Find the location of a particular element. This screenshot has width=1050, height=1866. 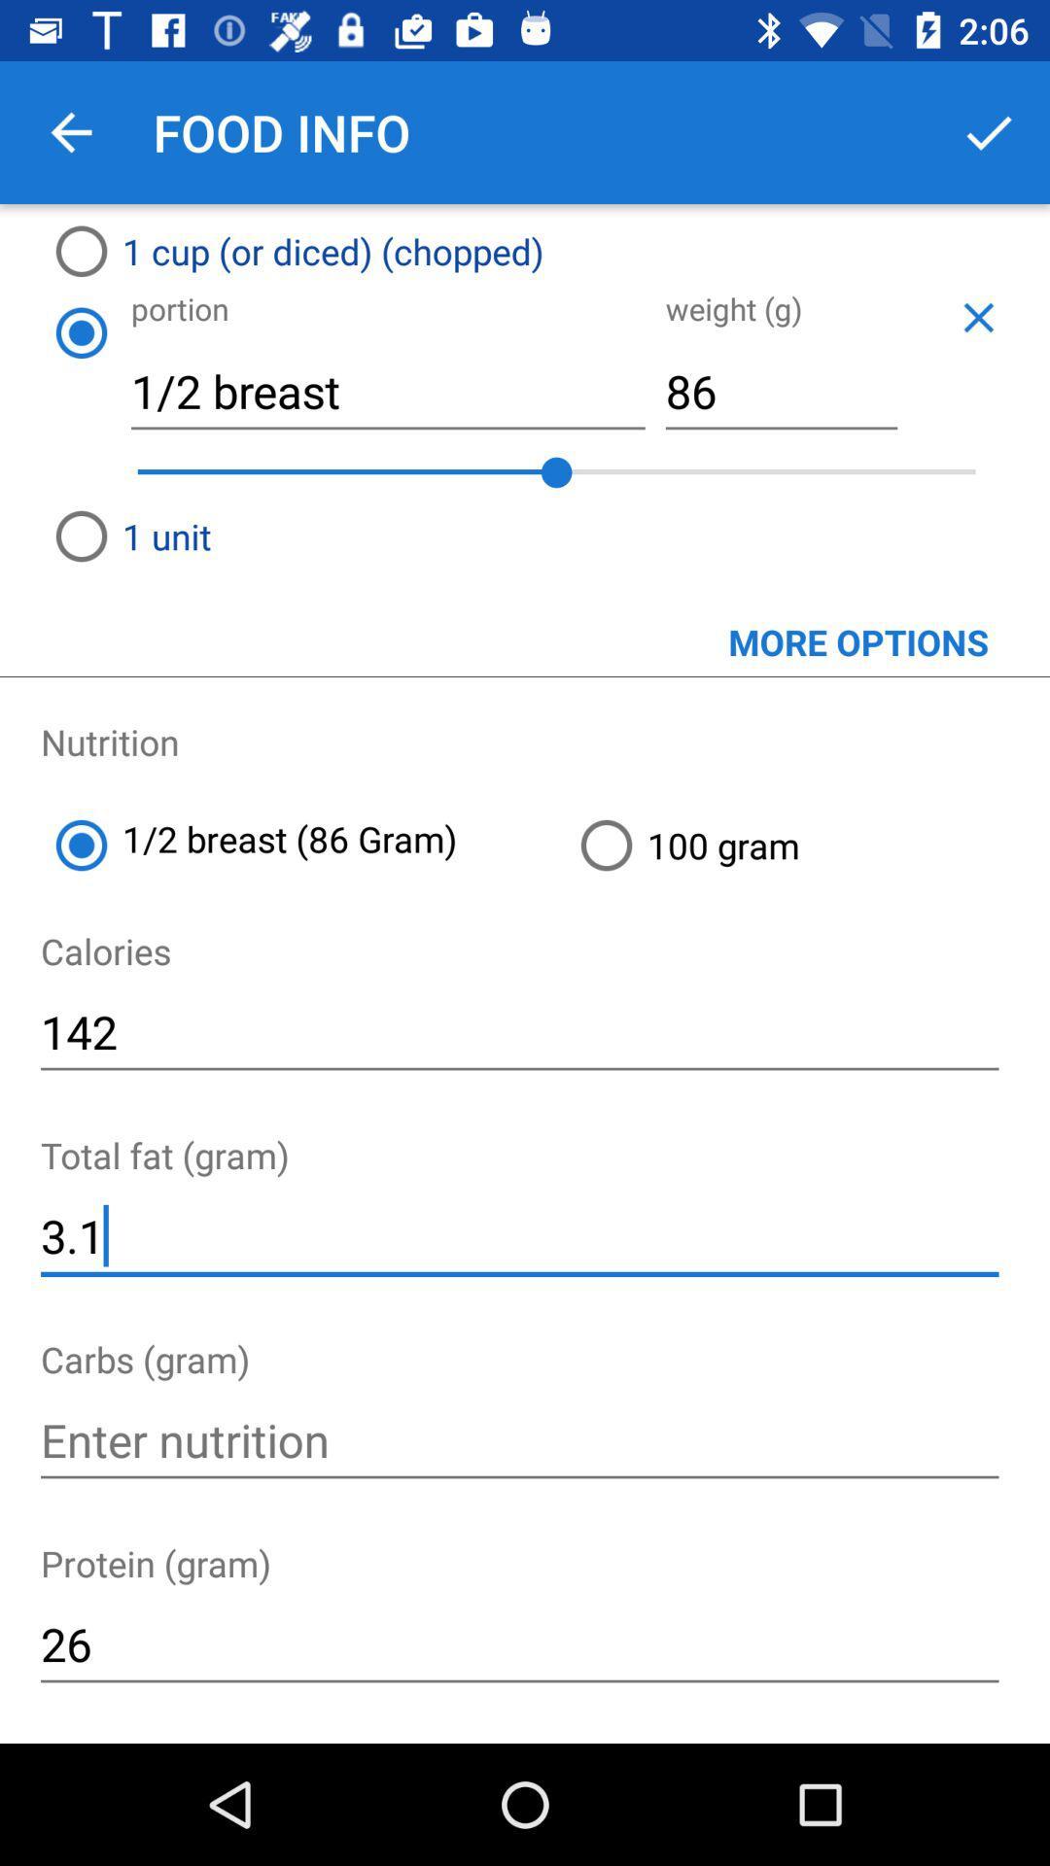

100 gram is located at coordinates (807, 845).